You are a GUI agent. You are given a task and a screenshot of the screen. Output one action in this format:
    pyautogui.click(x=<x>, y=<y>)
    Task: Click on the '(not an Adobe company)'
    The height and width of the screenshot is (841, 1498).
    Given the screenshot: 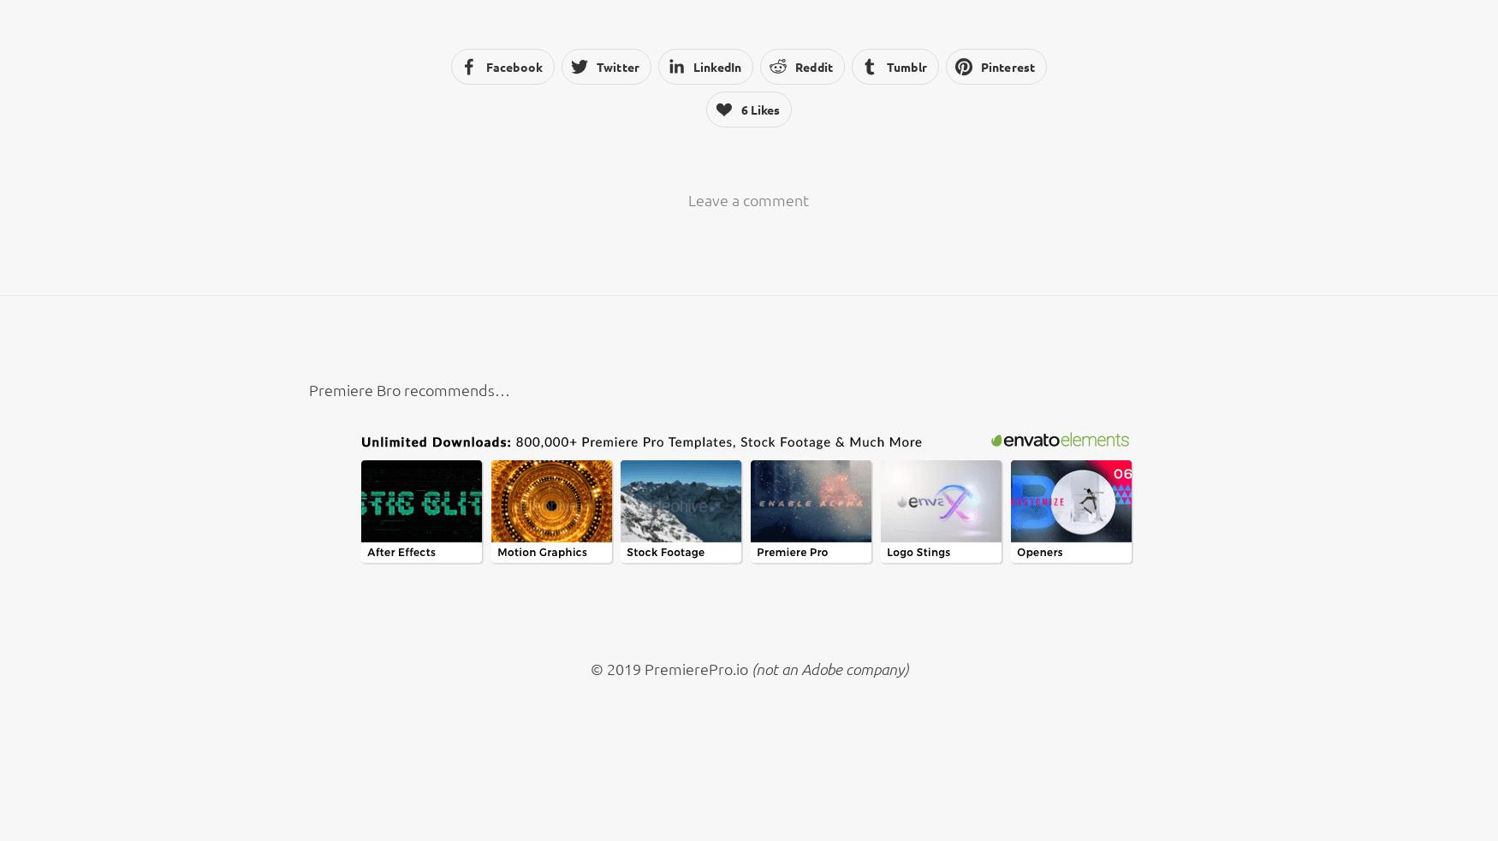 What is the action you would take?
    pyautogui.click(x=827, y=666)
    